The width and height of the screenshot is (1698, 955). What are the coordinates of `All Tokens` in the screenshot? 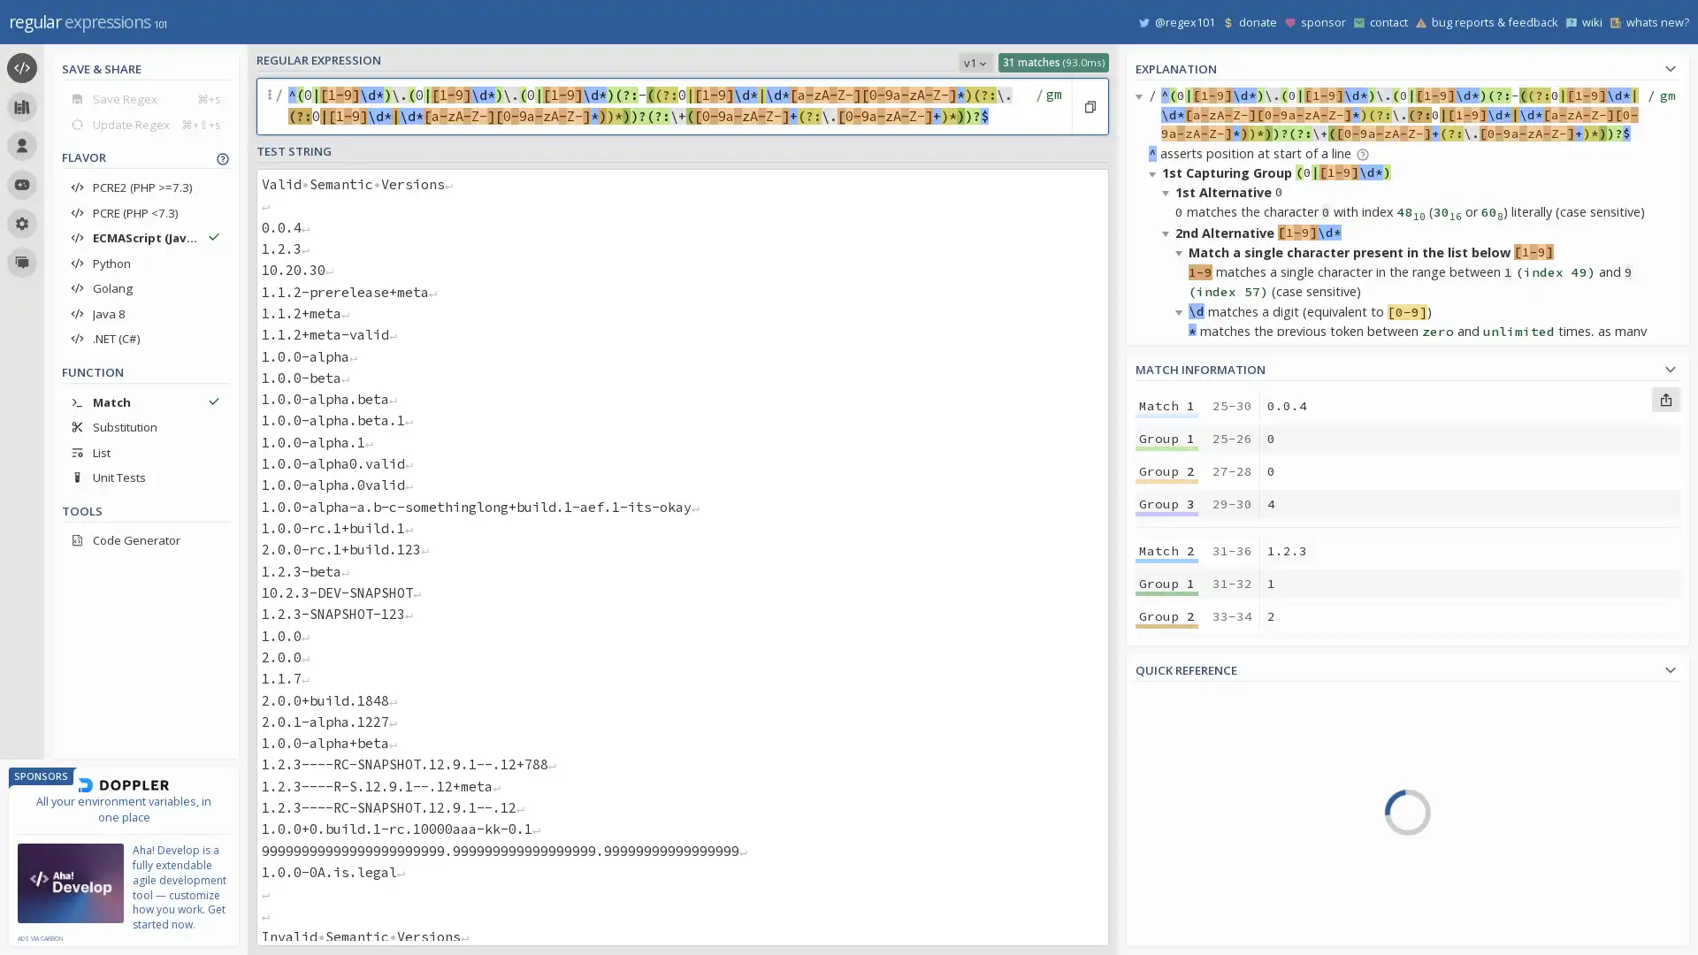 It's located at (1218, 733).